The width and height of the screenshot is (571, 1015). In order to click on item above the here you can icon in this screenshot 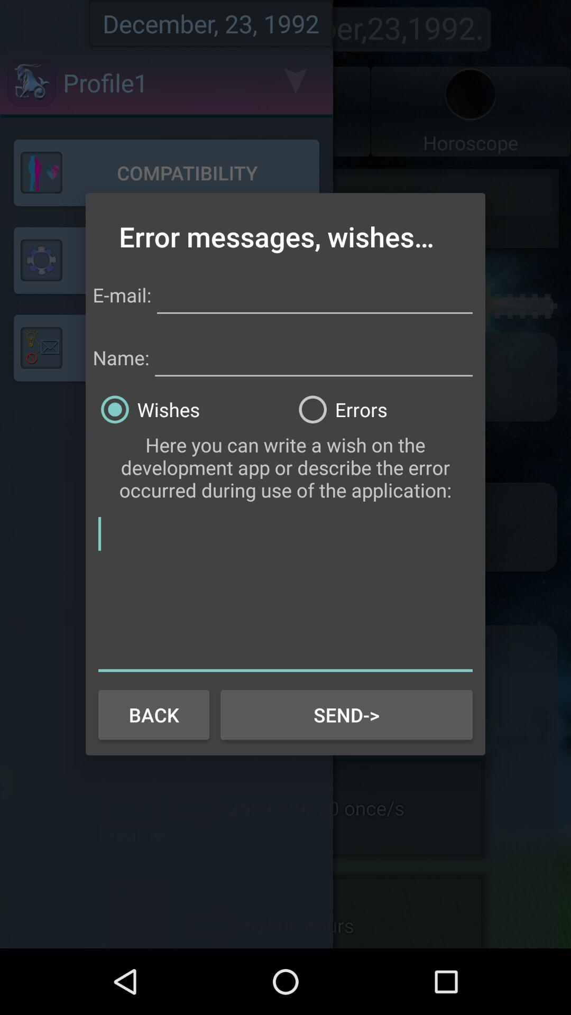, I will do `click(384, 409)`.